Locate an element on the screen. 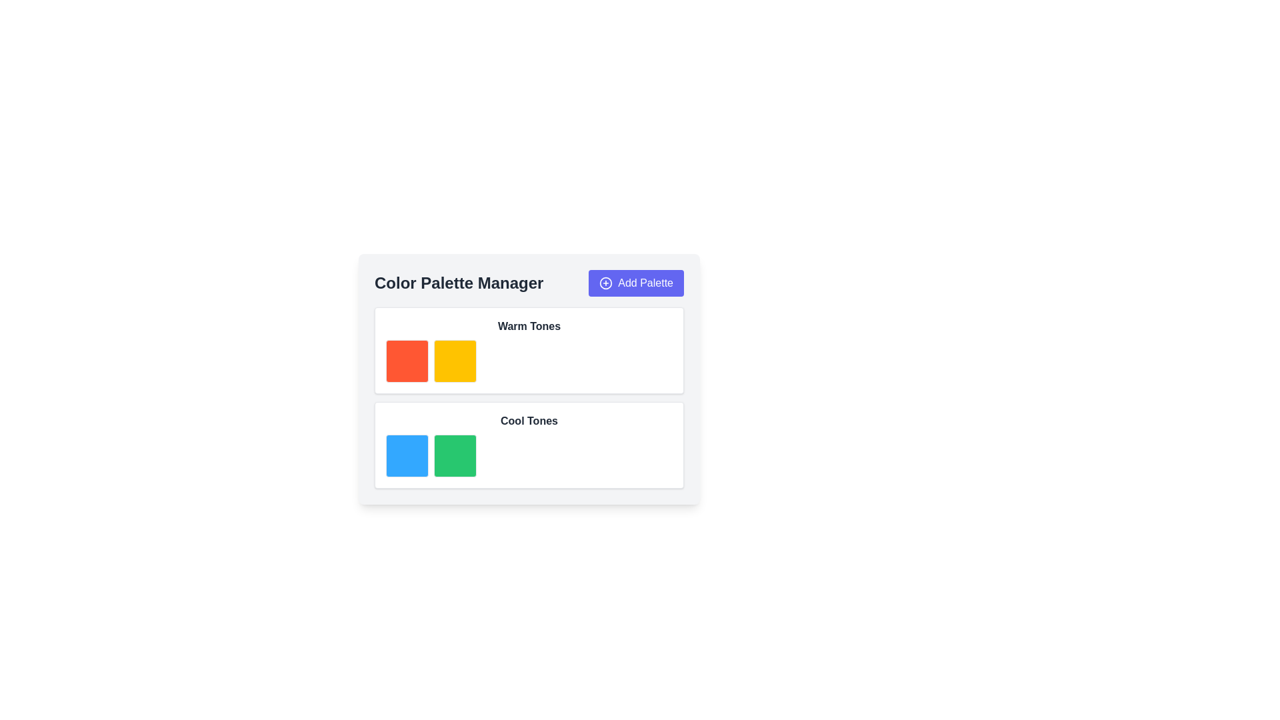 This screenshot has height=720, width=1280. the 'Add Palette' button located in the top-right corner of the Color Palette Manager, which features an indigo background and a circular icon with a plus sign is located at coordinates (635, 282).